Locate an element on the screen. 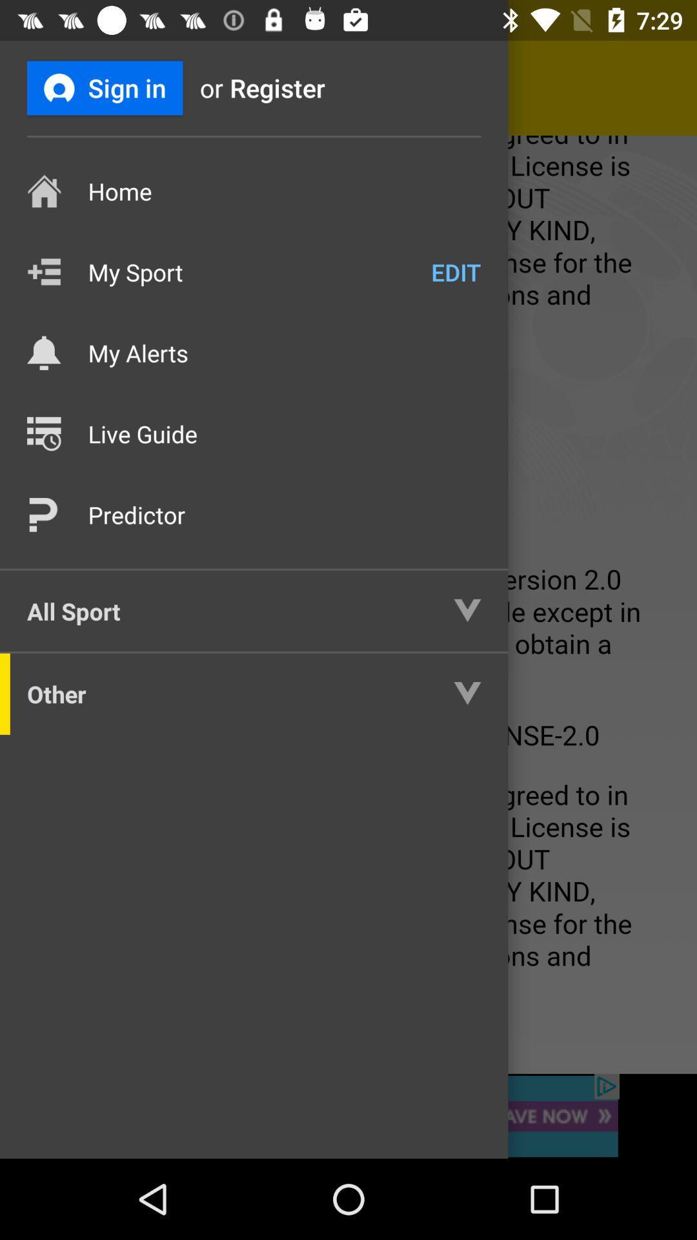 Image resolution: width=697 pixels, height=1240 pixels. register is located at coordinates (299, 87).